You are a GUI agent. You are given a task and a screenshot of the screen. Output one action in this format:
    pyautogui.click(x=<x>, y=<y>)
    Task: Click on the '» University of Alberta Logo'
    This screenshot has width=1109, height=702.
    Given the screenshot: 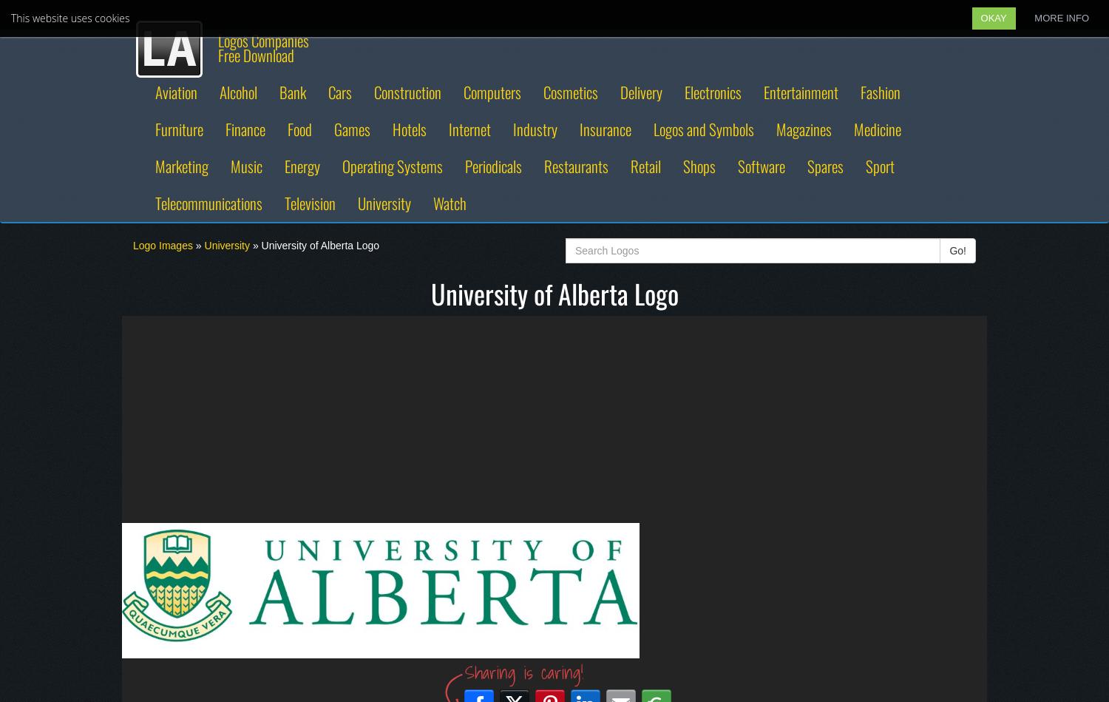 What is the action you would take?
    pyautogui.click(x=314, y=245)
    